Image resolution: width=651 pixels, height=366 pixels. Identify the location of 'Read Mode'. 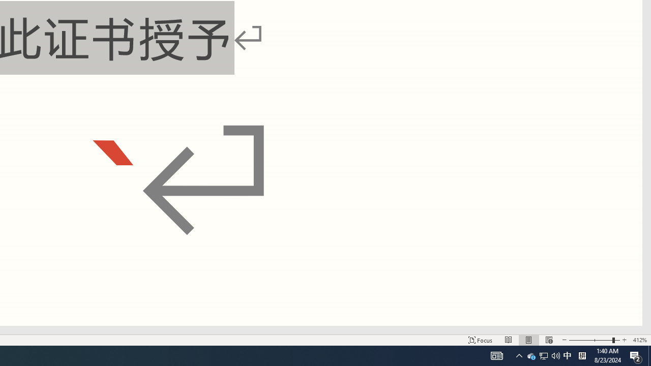
(509, 340).